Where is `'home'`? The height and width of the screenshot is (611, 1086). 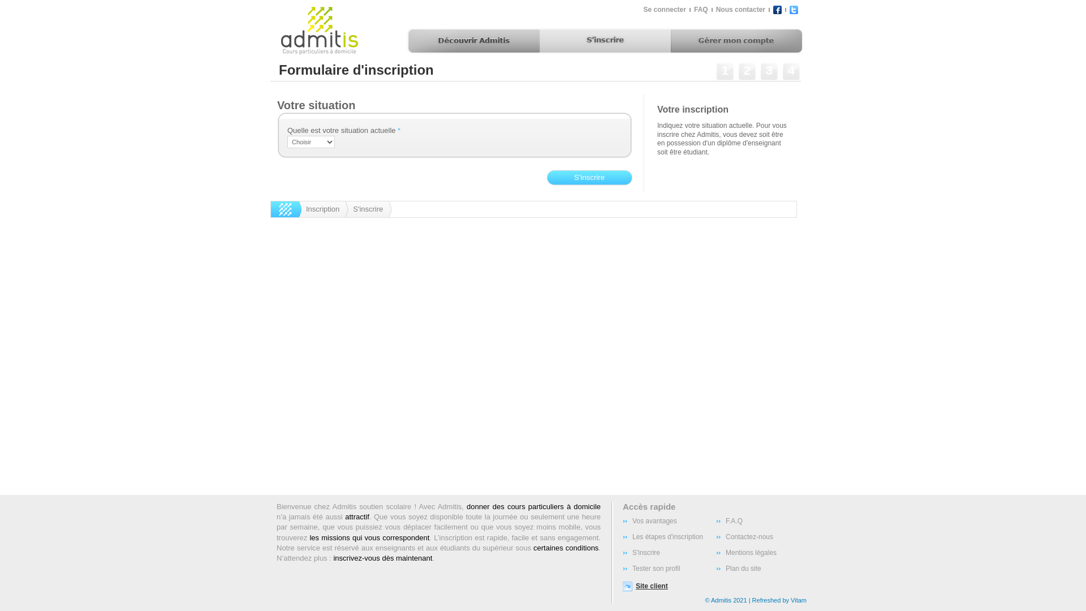
'home' is located at coordinates (270, 209).